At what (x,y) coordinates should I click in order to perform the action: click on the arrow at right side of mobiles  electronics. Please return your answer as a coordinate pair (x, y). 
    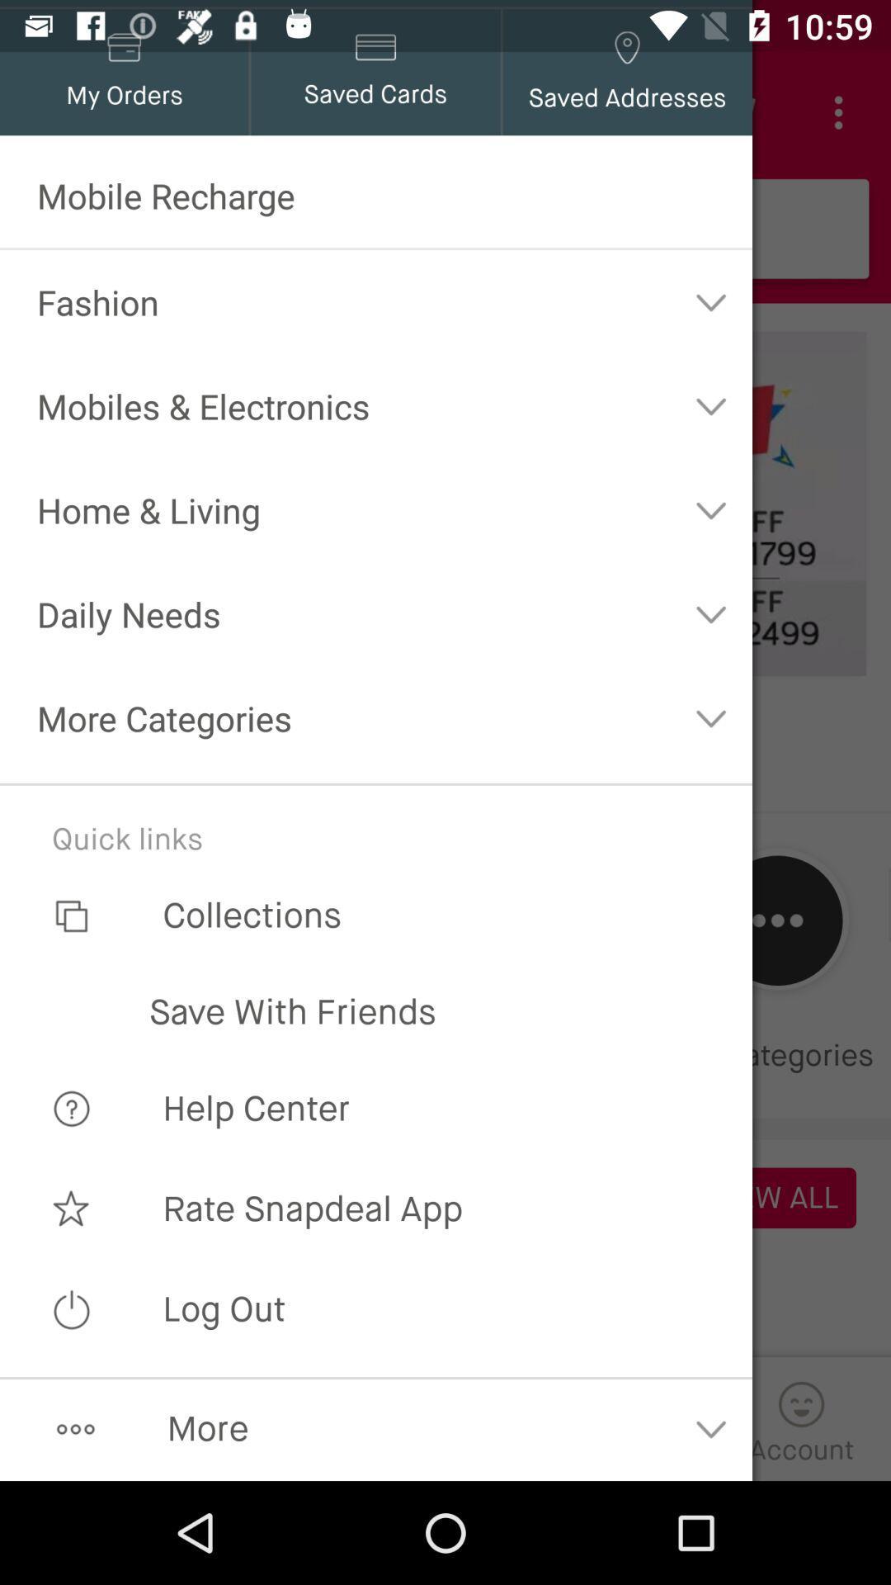
    Looking at the image, I should click on (710, 405).